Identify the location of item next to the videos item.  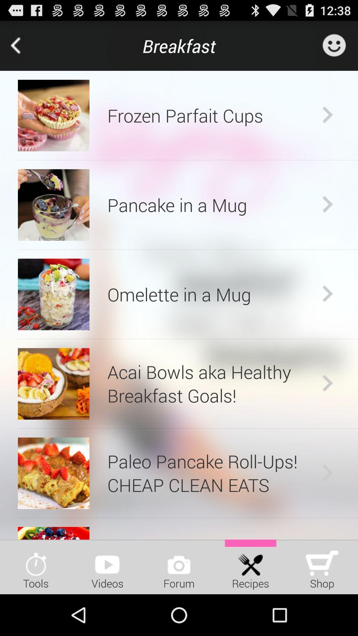
(179, 566).